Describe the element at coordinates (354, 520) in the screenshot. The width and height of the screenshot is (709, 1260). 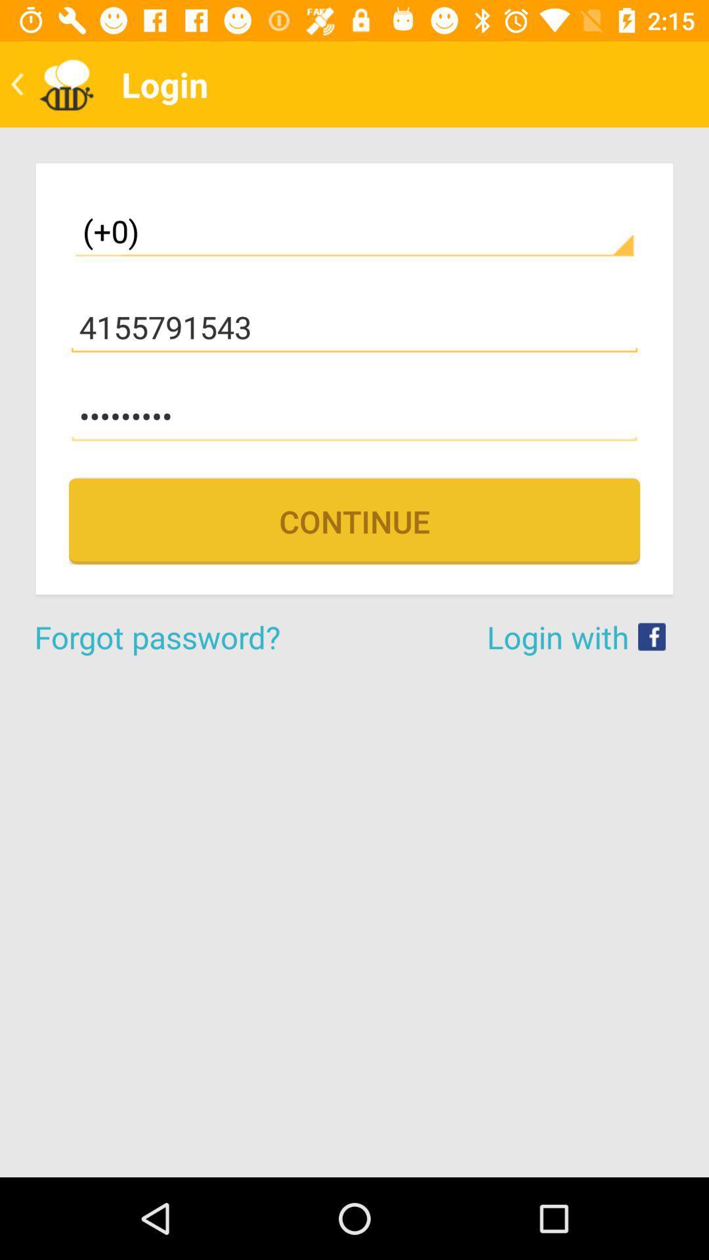
I see `icon at the center` at that location.